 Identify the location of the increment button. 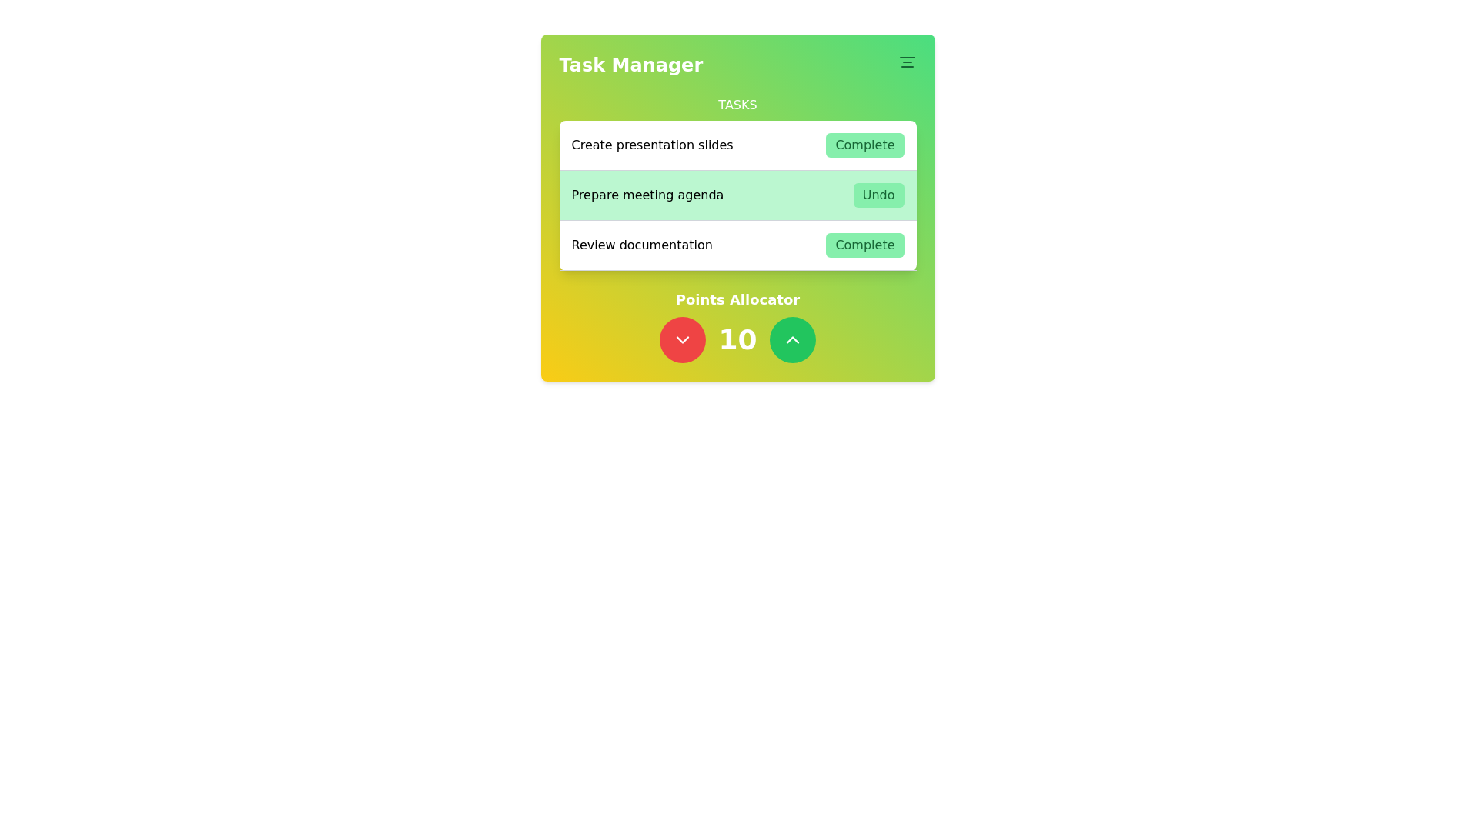
(792, 339).